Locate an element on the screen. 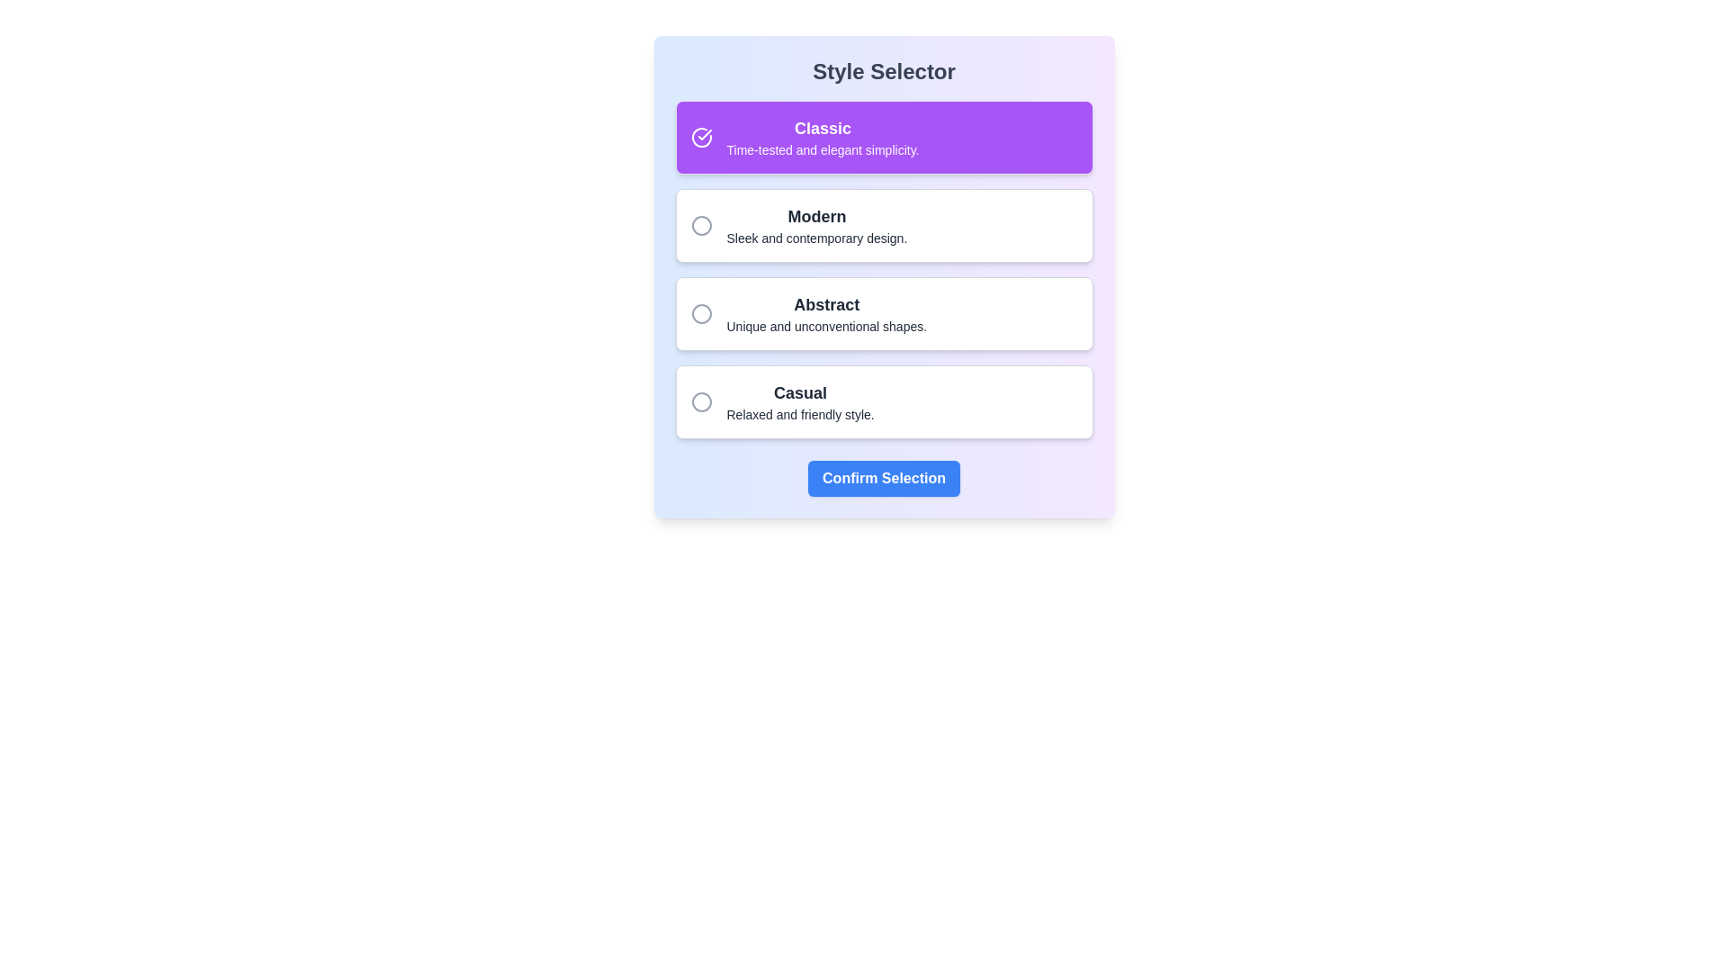  the 'Casual' text label, which is displayed in bold and larger font above the description 'Relaxed and friendly style.' in the fourth selectable option of a vertically arranged list is located at coordinates (799, 391).